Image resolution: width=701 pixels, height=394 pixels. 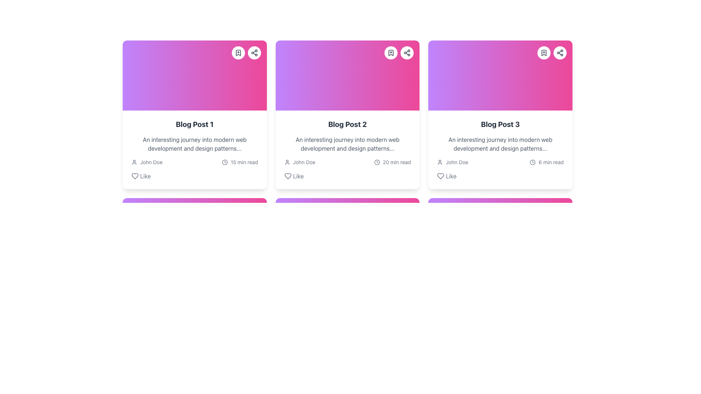 I want to click on the 'like' icon located next to the text 'Like' at the bottom of the second card in a horizontally aligned set of three cards, so click(x=287, y=176).